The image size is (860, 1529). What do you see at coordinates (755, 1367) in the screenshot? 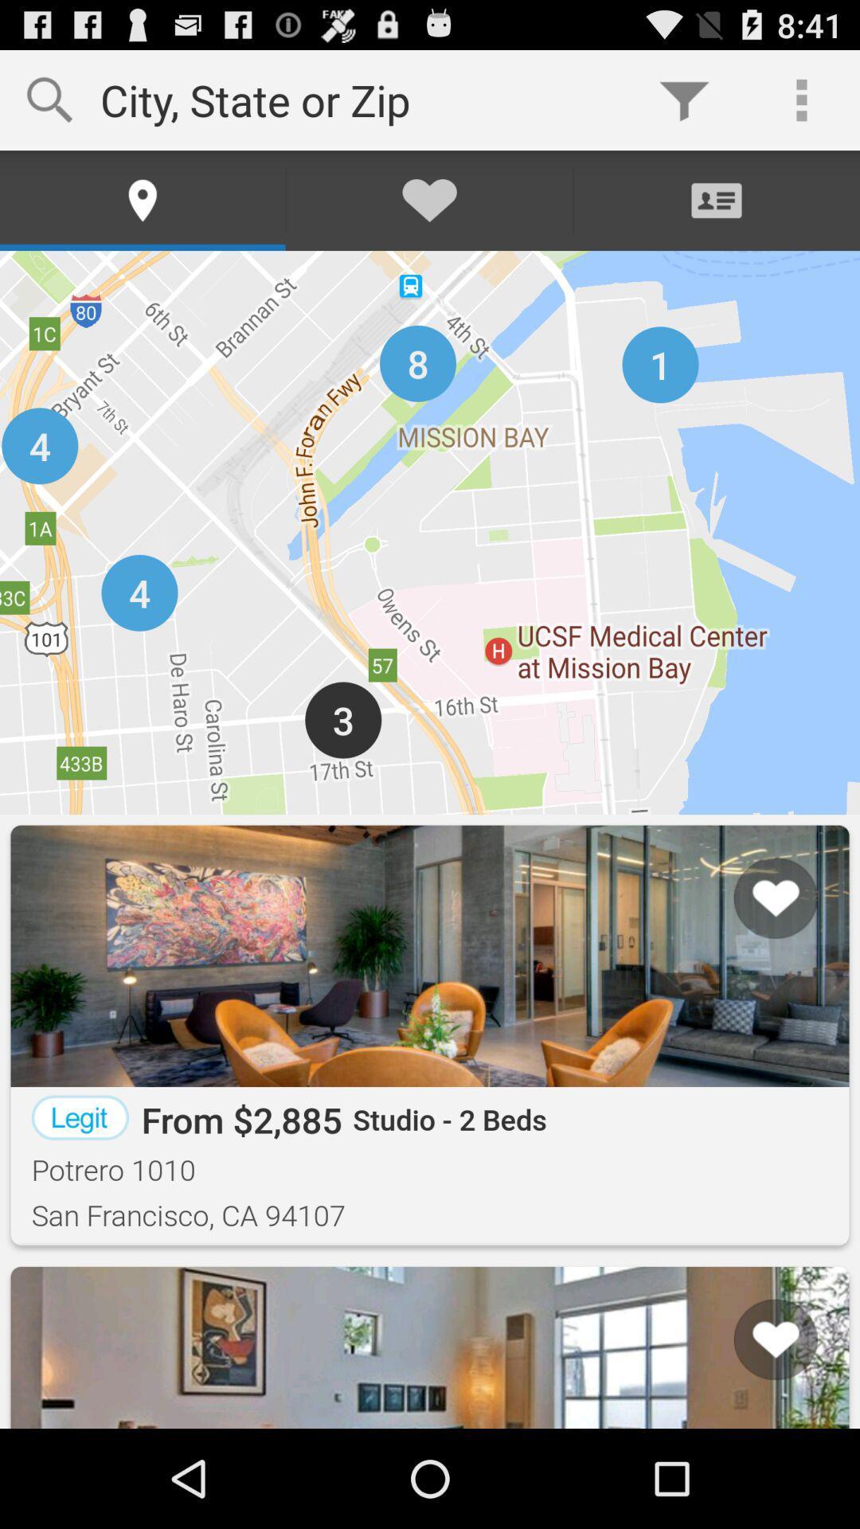
I see `list icon` at bounding box center [755, 1367].